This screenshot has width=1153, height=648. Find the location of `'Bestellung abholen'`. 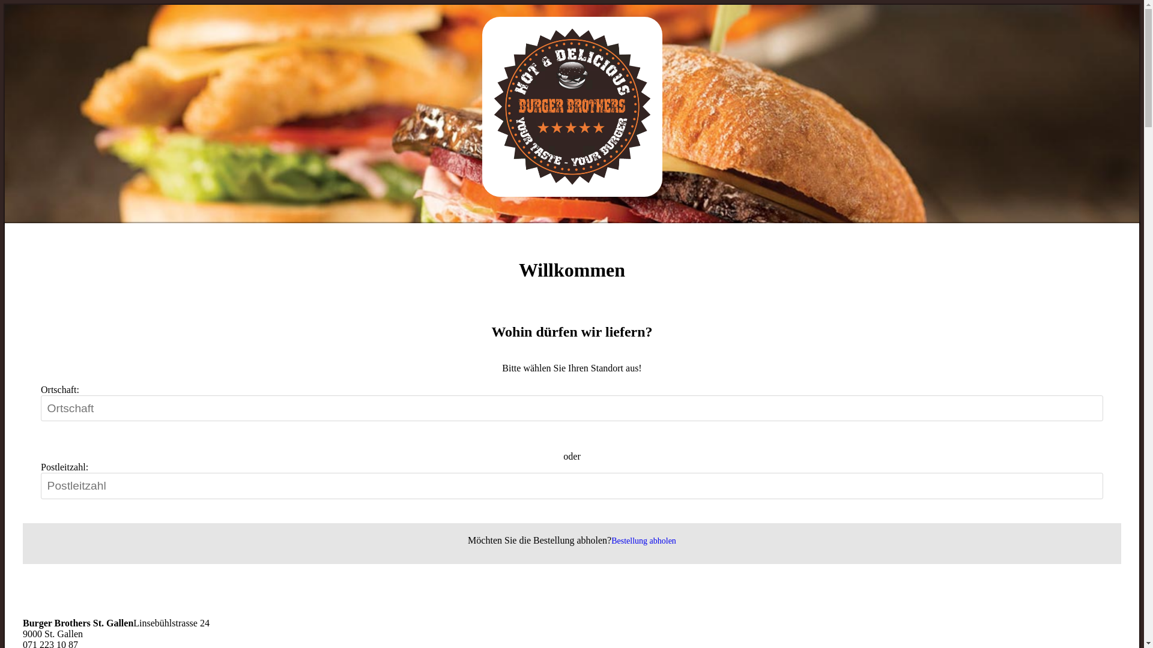

'Bestellung abholen' is located at coordinates (643, 541).